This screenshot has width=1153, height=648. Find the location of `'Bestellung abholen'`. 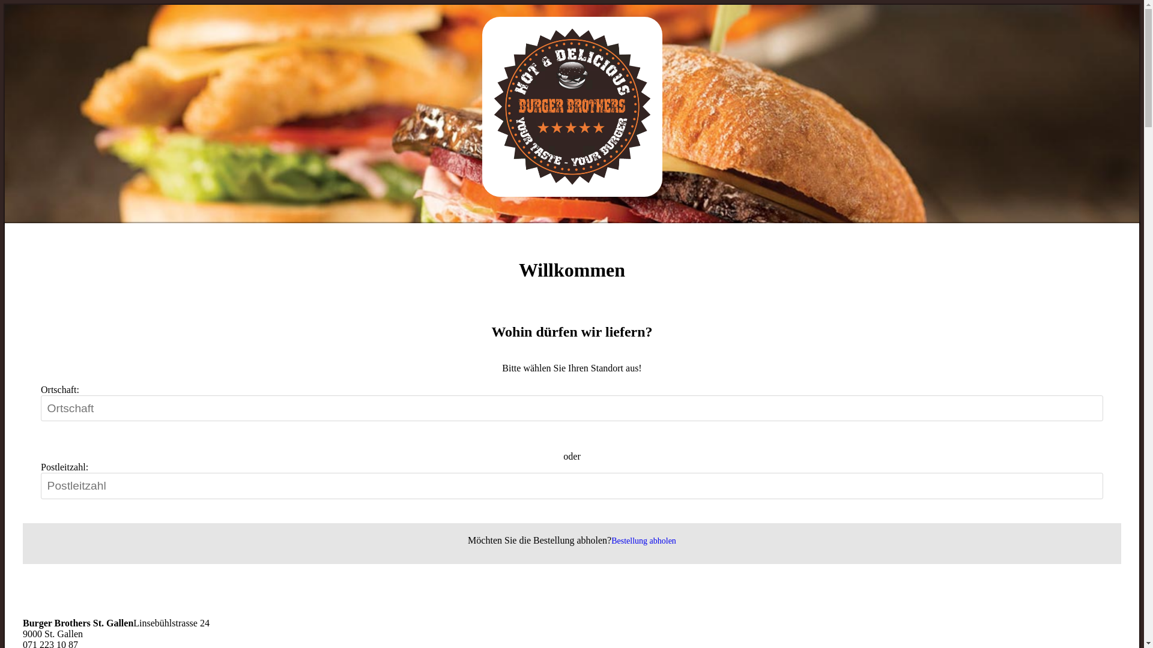

'Bestellung abholen' is located at coordinates (643, 541).